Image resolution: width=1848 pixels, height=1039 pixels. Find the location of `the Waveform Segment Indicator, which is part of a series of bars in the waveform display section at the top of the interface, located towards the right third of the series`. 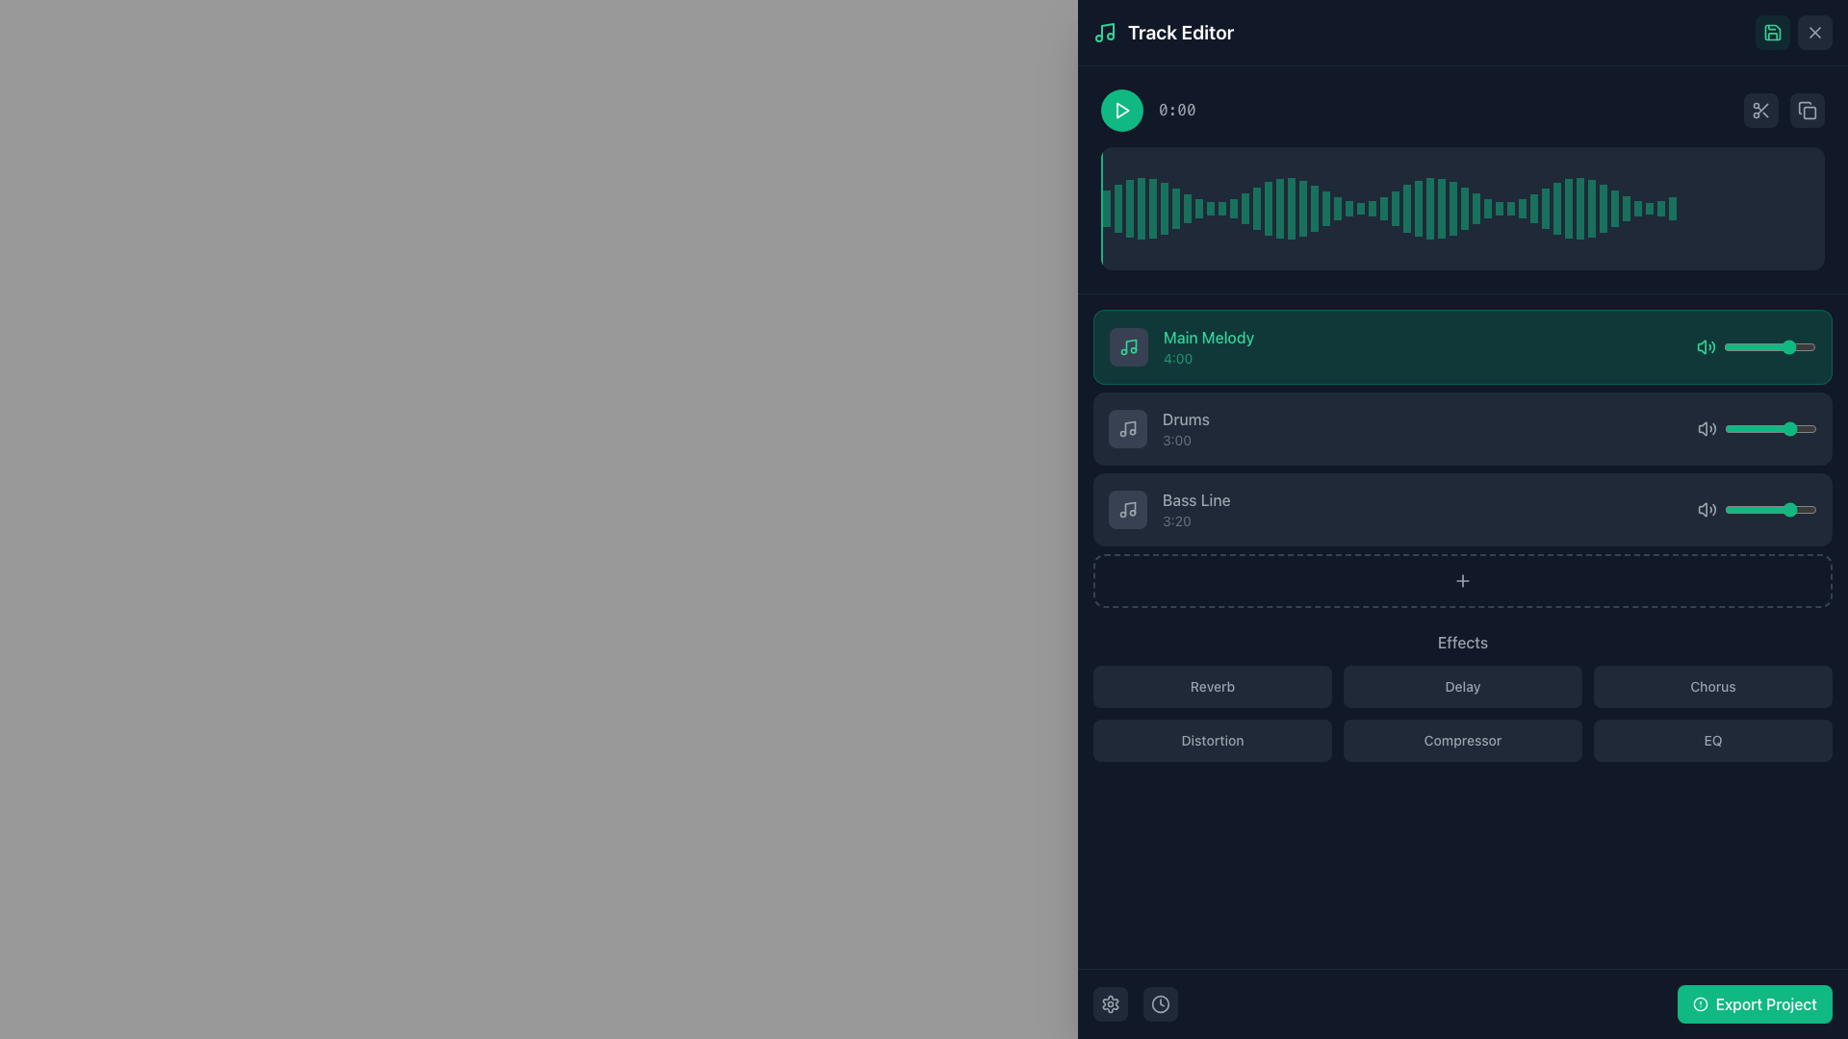

the Waveform Segment Indicator, which is part of a series of bars in the waveform display section at the top of the interface, located towards the right third of the series is located at coordinates (1569, 208).